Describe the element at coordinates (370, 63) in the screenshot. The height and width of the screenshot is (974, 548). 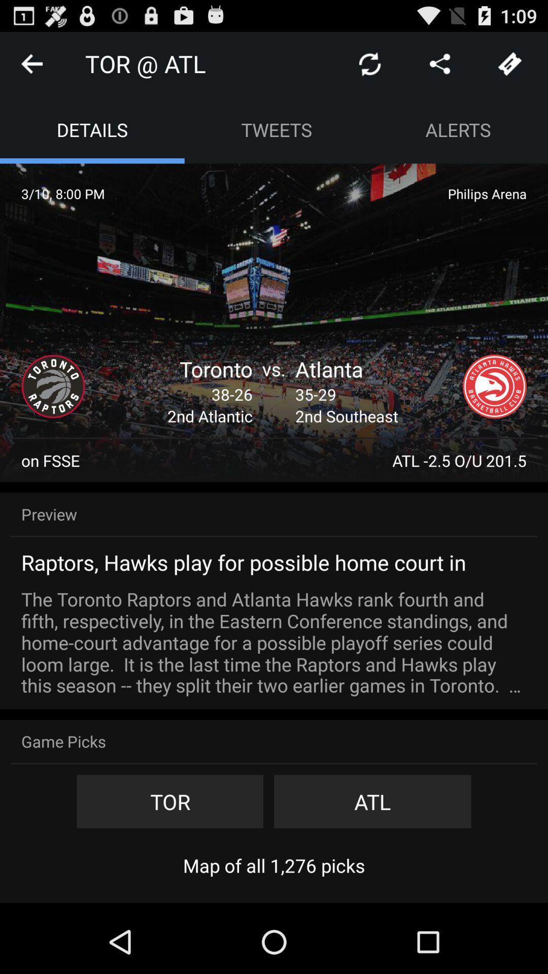
I see `refresh page` at that location.